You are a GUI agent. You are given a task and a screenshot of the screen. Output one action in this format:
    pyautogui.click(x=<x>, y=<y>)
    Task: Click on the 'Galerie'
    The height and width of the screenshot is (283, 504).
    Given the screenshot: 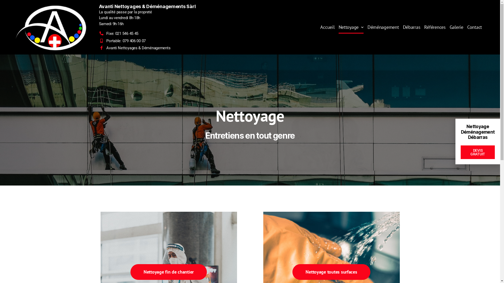 What is the action you would take?
    pyautogui.click(x=456, y=27)
    